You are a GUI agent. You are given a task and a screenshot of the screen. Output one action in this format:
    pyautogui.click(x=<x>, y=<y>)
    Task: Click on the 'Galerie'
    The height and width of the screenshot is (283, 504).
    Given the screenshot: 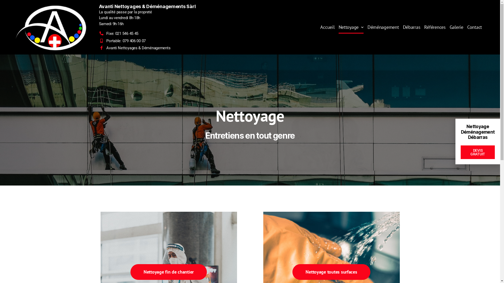 What is the action you would take?
    pyautogui.click(x=456, y=27)
    